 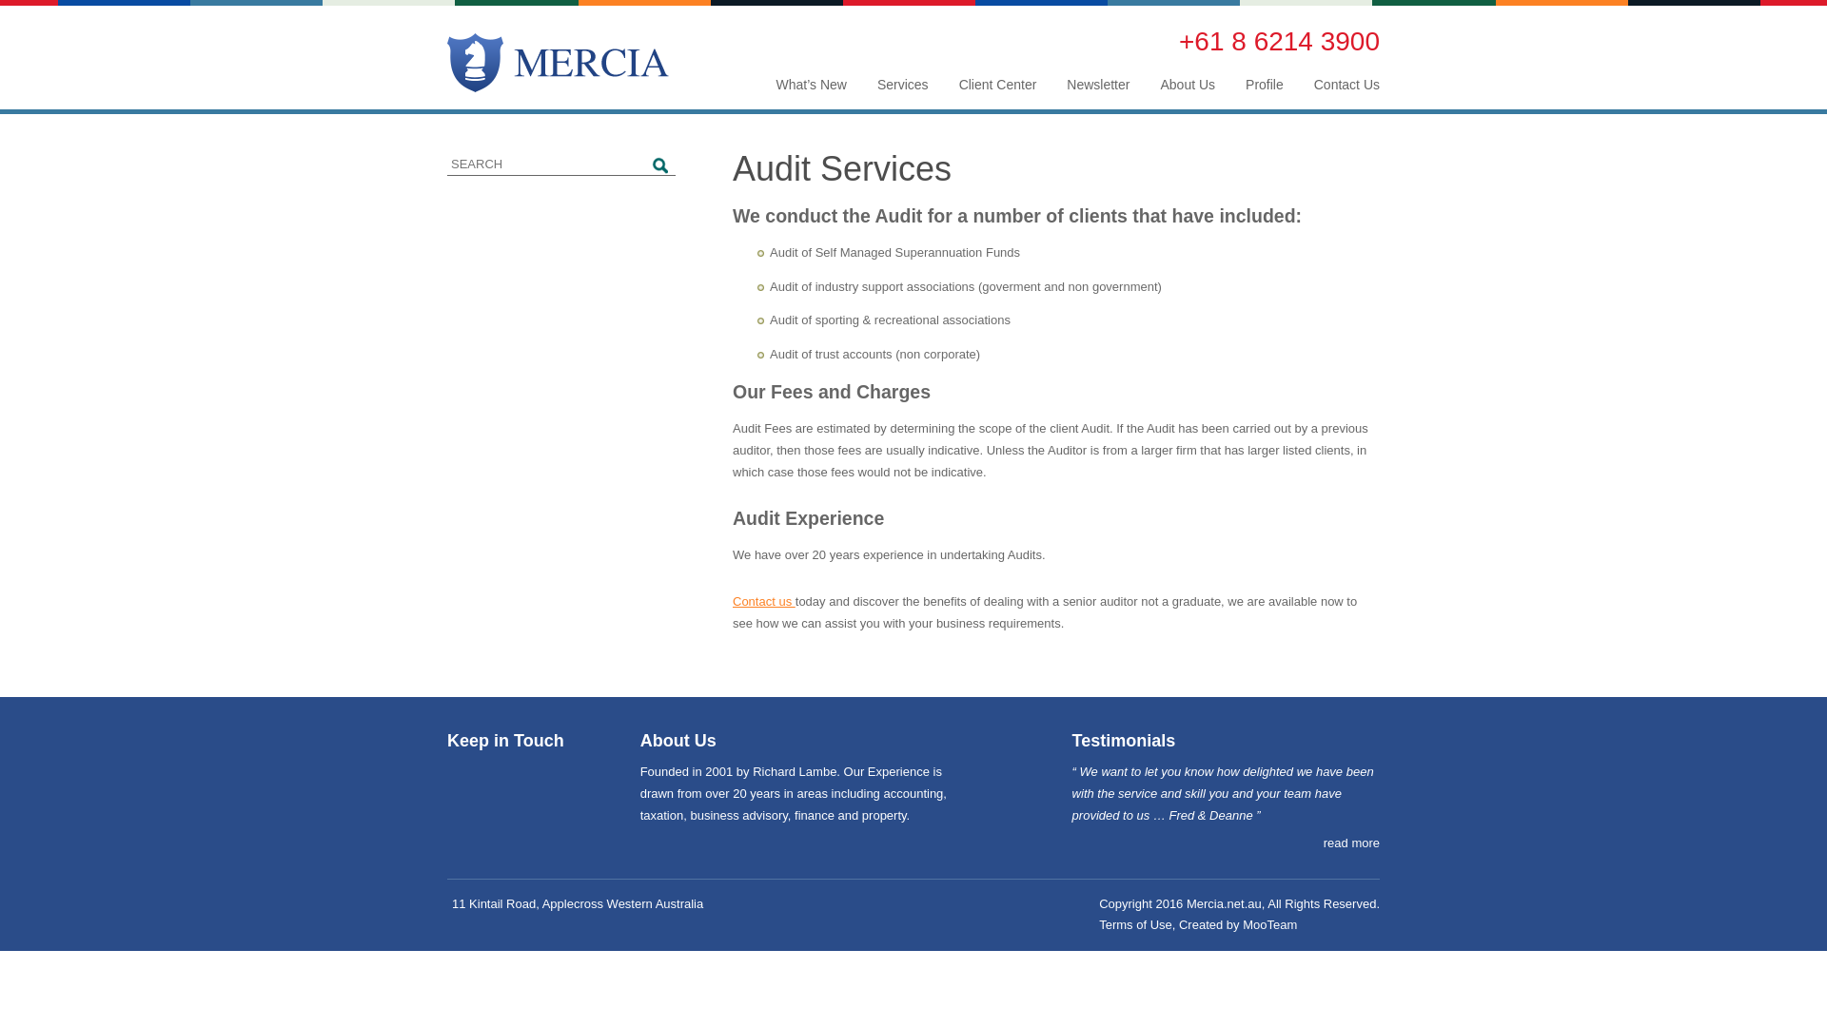 What do you see at coordinates (661, 165) in the screenshot?
I see `'Search'` at bounding box center [661, 165].